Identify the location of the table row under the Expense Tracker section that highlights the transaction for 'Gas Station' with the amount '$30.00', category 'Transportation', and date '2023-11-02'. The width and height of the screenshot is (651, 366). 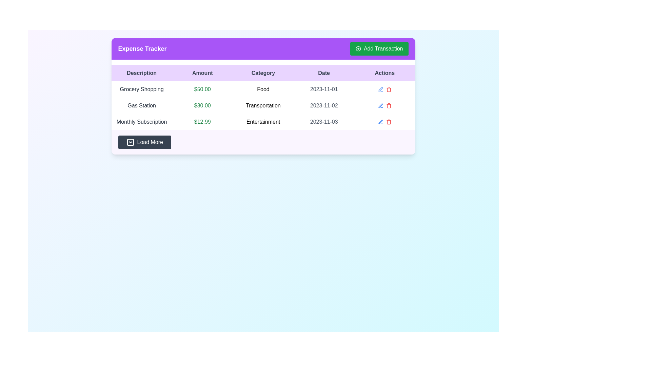
(263, 106).